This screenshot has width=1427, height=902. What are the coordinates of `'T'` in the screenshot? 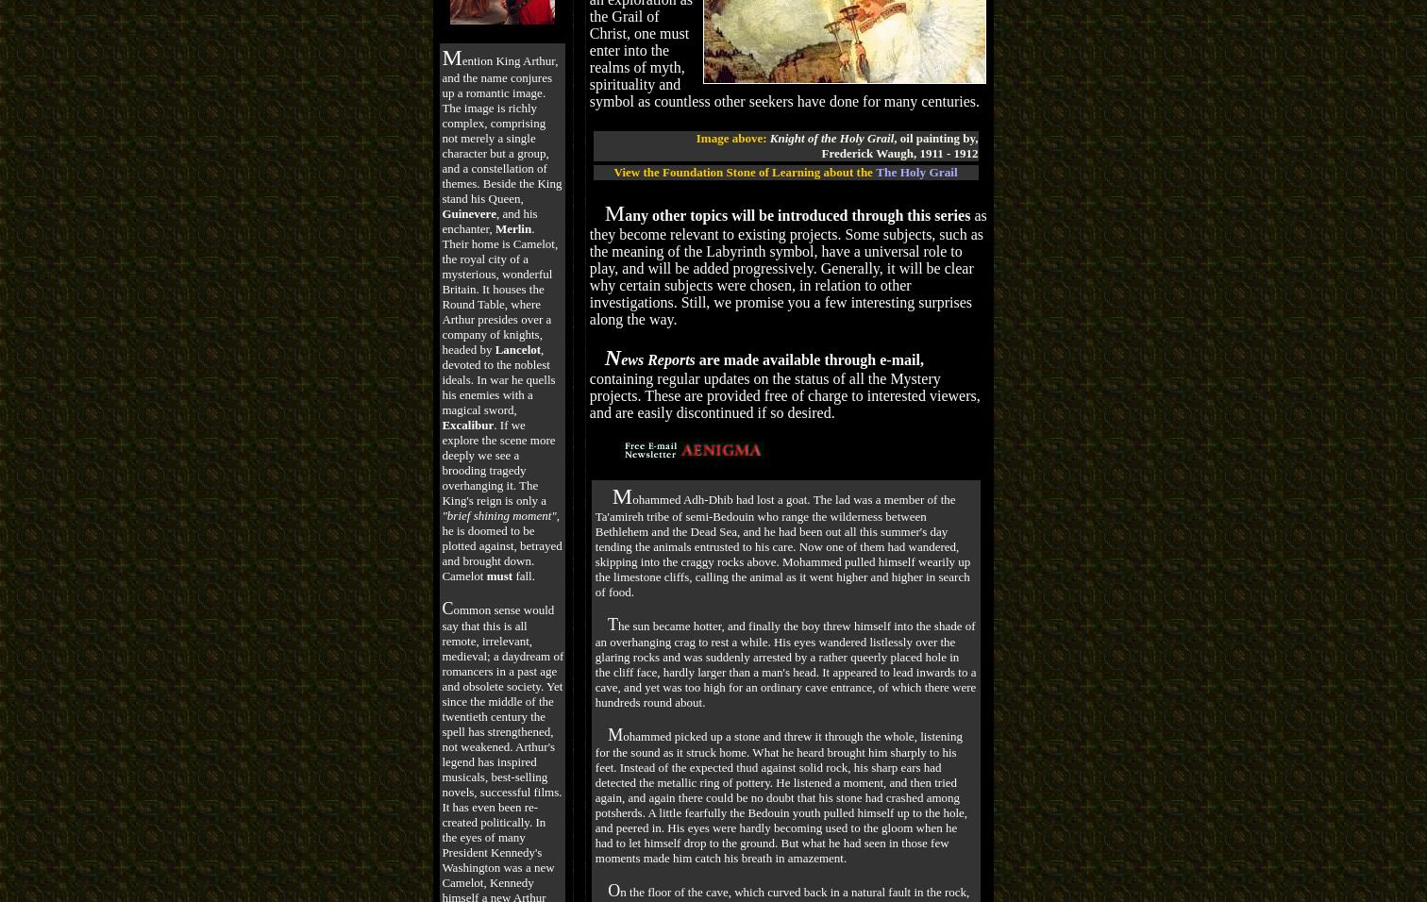 It's located at (605, 623).